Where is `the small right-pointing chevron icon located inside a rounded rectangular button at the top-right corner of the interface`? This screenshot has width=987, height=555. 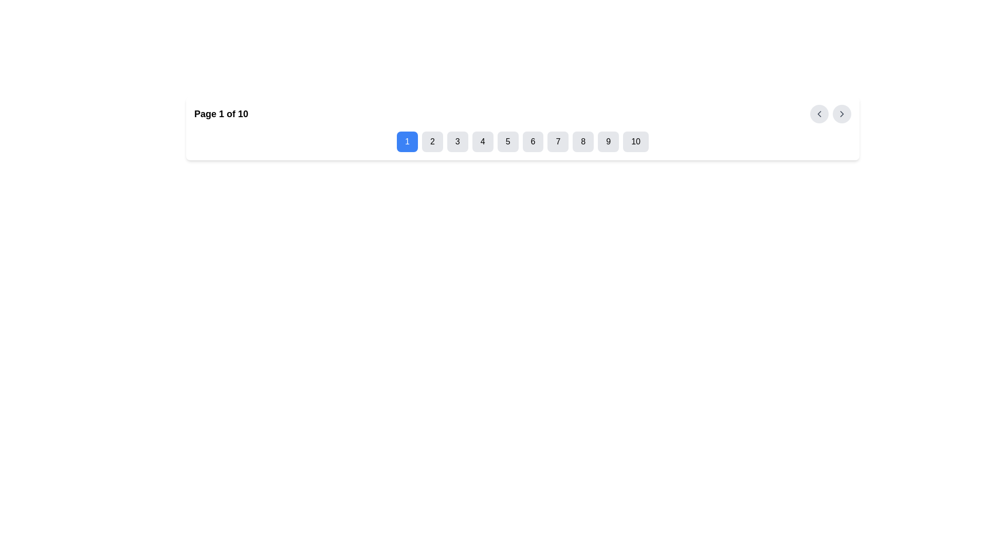
the small right-pointing chevron icon located inside a rounded rectangular button at the top-right corner of the interface is located at coordinates (842, 114).